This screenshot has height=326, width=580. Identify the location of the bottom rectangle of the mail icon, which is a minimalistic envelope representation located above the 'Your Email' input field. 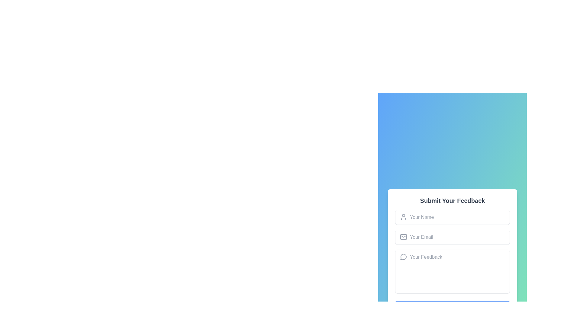
(403, 236).